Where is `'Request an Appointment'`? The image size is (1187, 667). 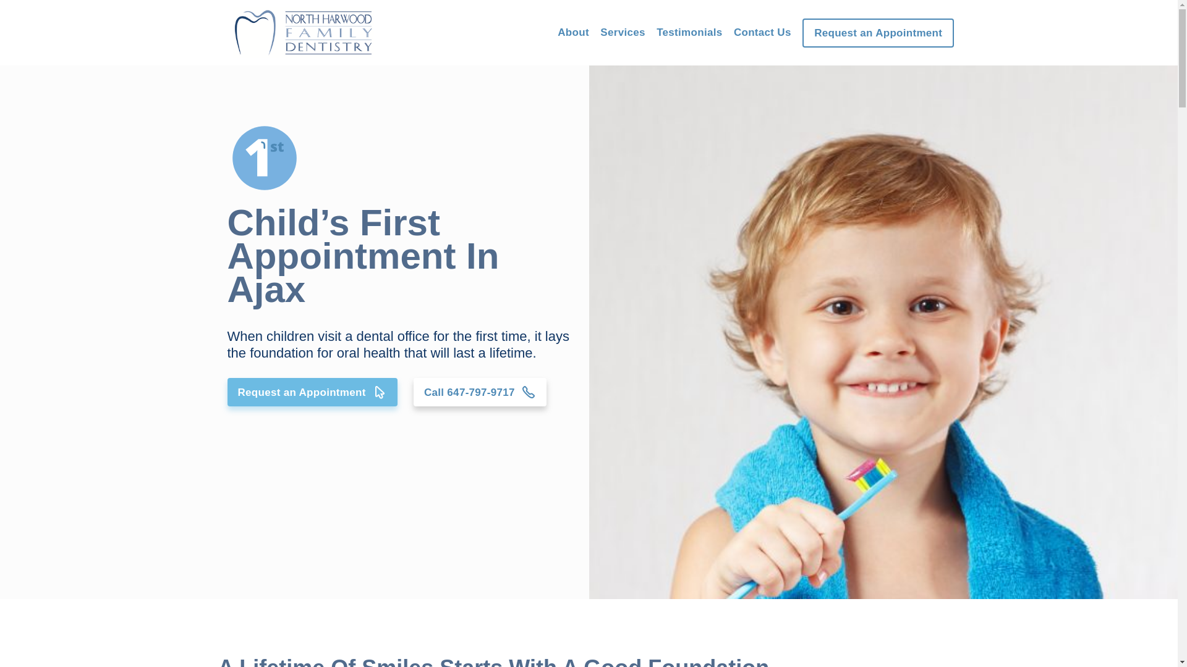
'Request an Appointment' is located at coordinates (802, 32).